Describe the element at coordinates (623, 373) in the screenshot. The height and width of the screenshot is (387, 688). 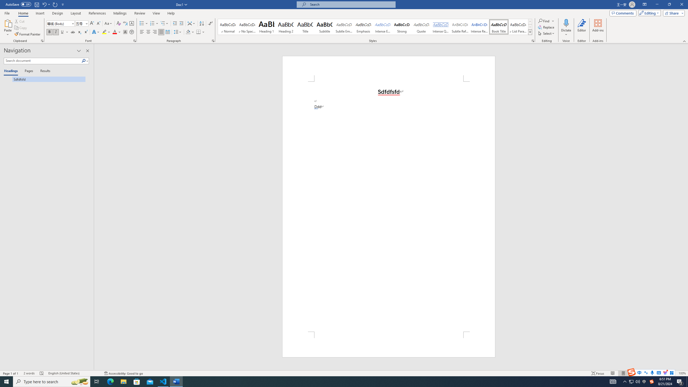
I see `'Print Layout'` at that location.